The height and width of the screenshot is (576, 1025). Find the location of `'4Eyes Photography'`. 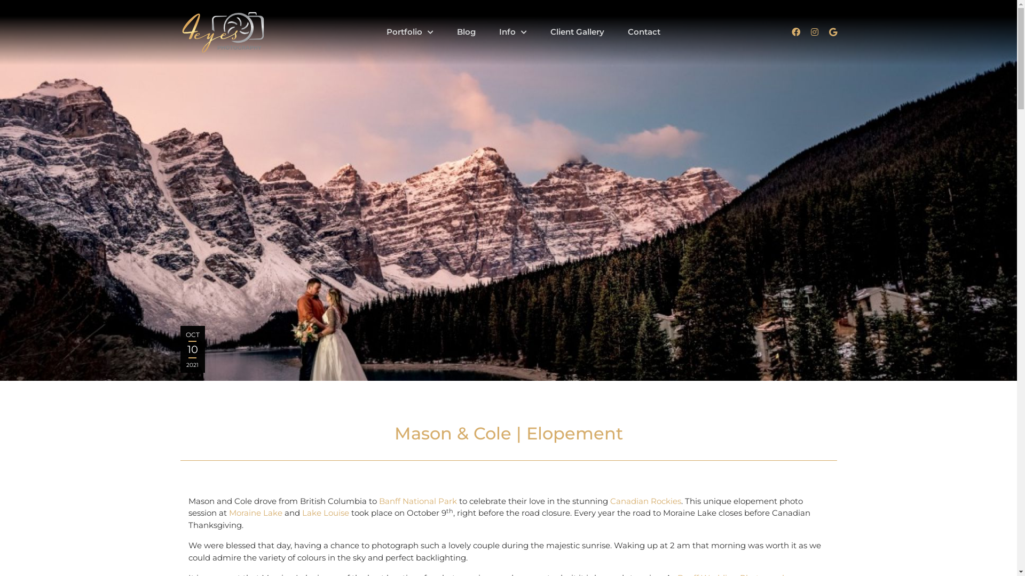

'4Eyes Photography' is located at coordinates (180, 32).